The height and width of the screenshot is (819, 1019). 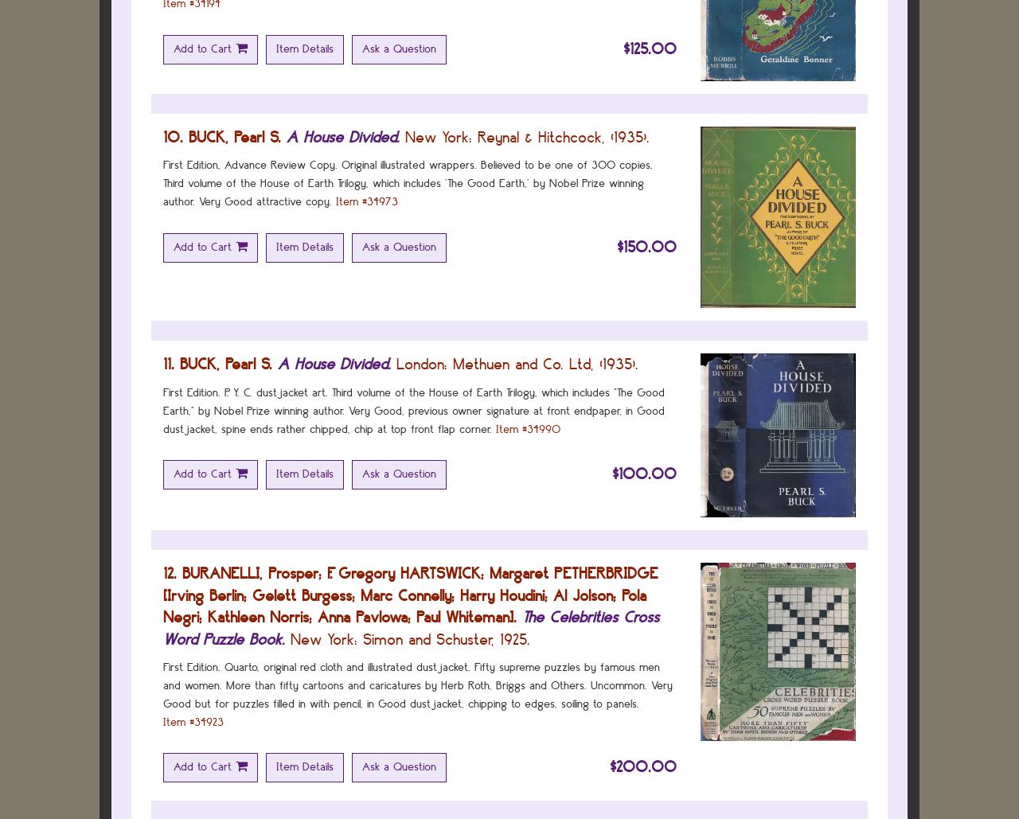 What do you see at coordinates (644, 474) in the screenshot?
I see `'$100.00'` at bounding box center [644, 474].